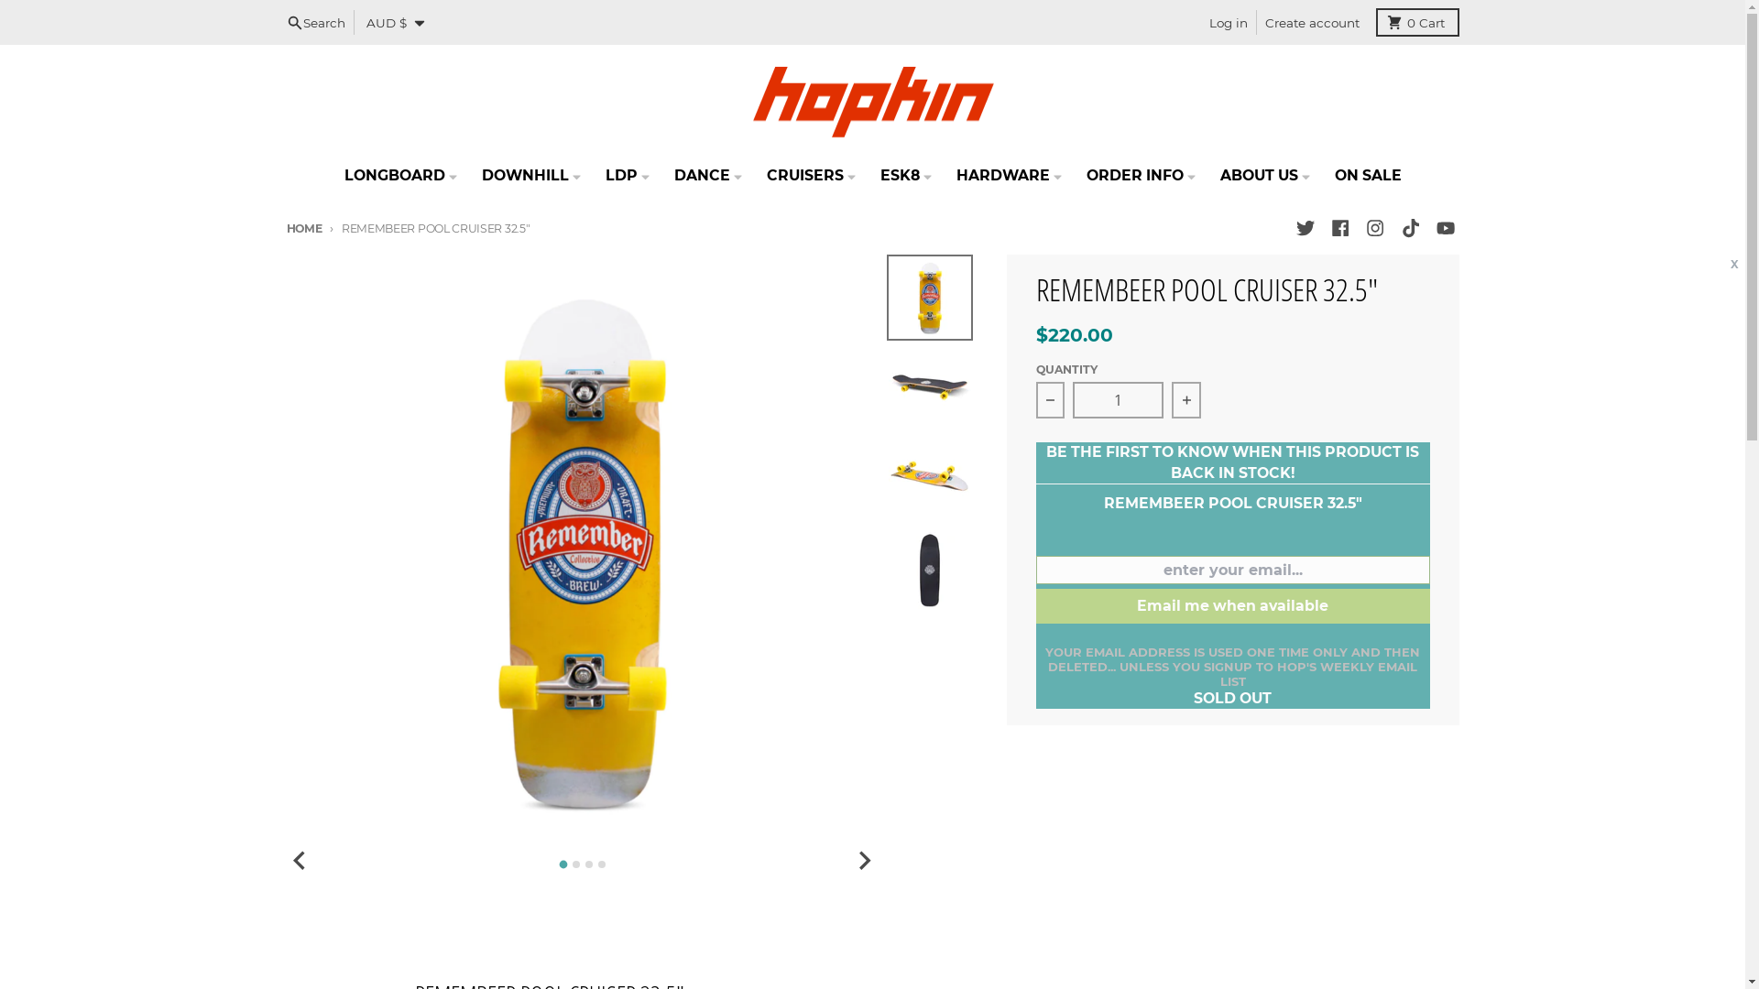  What do you see at coordinates (101, 17) in the screenshot?
I see `'Email when available'` at bounding box center [101, 17].